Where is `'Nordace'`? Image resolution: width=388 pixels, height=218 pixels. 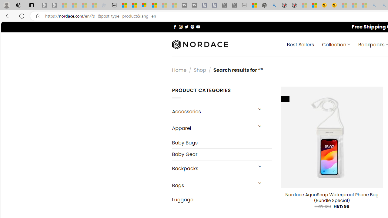
'Nordace' is located at coordinates (200, 44).